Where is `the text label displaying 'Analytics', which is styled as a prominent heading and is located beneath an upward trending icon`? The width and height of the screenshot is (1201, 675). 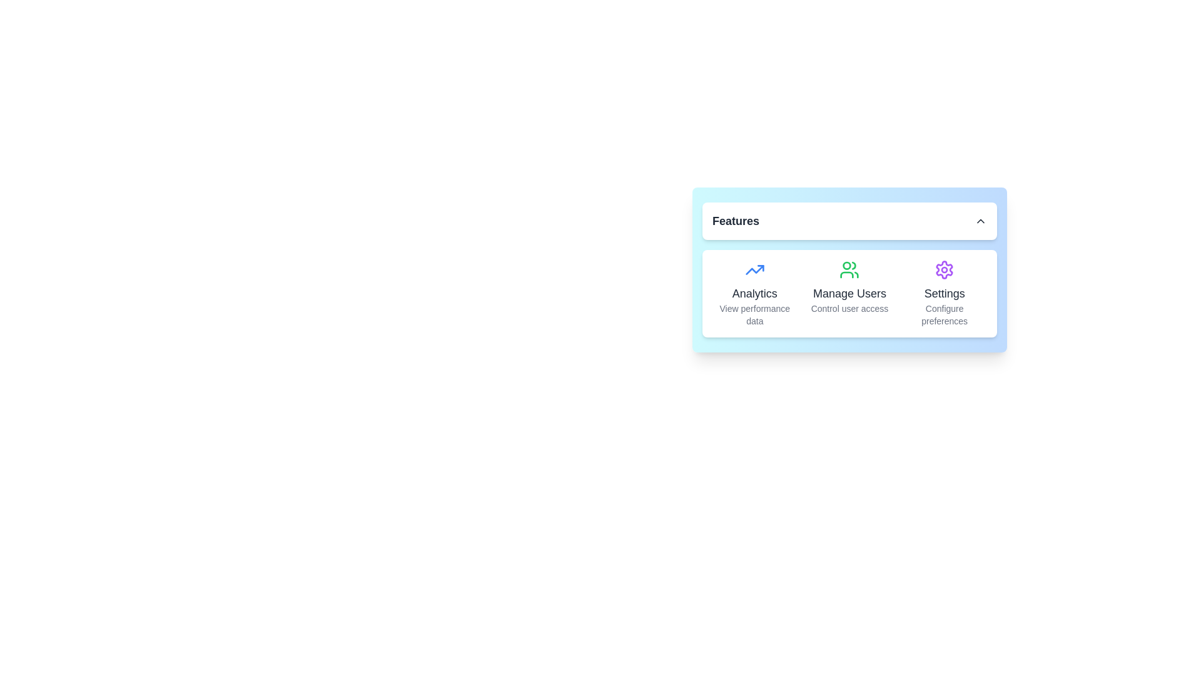
the text label displaying 'Analytics', which is styled as a prominent heading and is located beneath an upward trending icon is located at coordinates (754, 294).